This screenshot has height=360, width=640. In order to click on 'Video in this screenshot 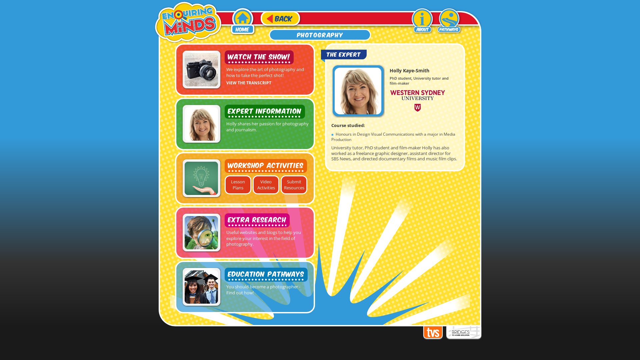, I will do `click(265, 185)`.